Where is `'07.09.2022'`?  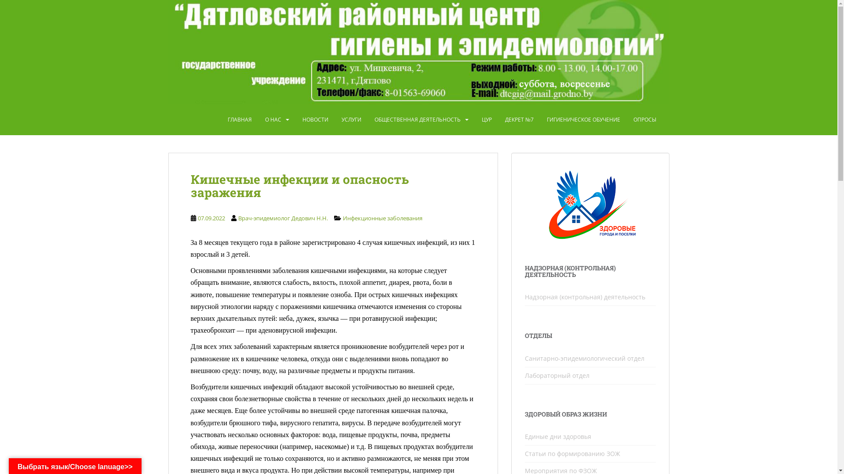 '07.09.2022' is located at coordinates (211, 218).